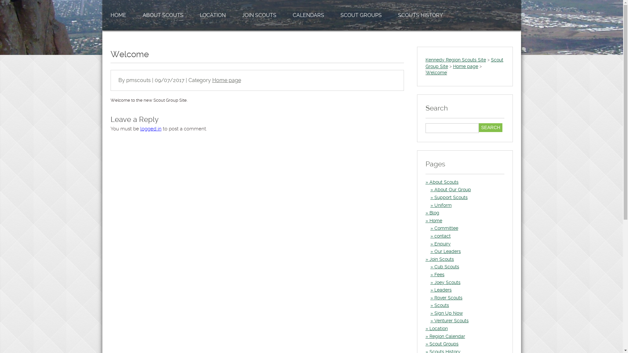 The image size is (628, 353). I want to click on 'Support Scouts', so click(448, 197).